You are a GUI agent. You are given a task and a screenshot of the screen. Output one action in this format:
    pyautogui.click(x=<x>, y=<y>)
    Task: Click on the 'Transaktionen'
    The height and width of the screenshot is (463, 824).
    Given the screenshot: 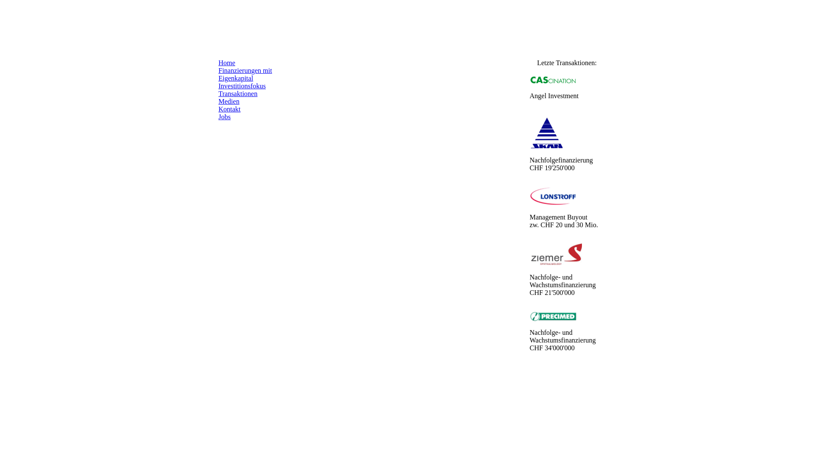 What is the action you would take?
    pyautogui.click(x=218, y=93)
    